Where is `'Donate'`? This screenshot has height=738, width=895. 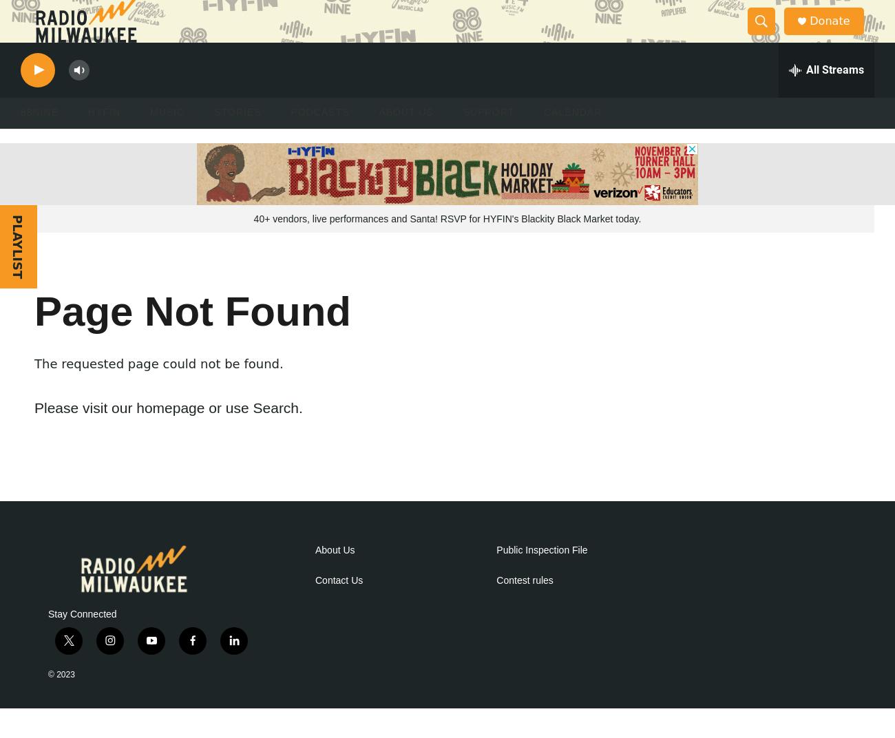
'Donate' is located at coordinates (836, 34).